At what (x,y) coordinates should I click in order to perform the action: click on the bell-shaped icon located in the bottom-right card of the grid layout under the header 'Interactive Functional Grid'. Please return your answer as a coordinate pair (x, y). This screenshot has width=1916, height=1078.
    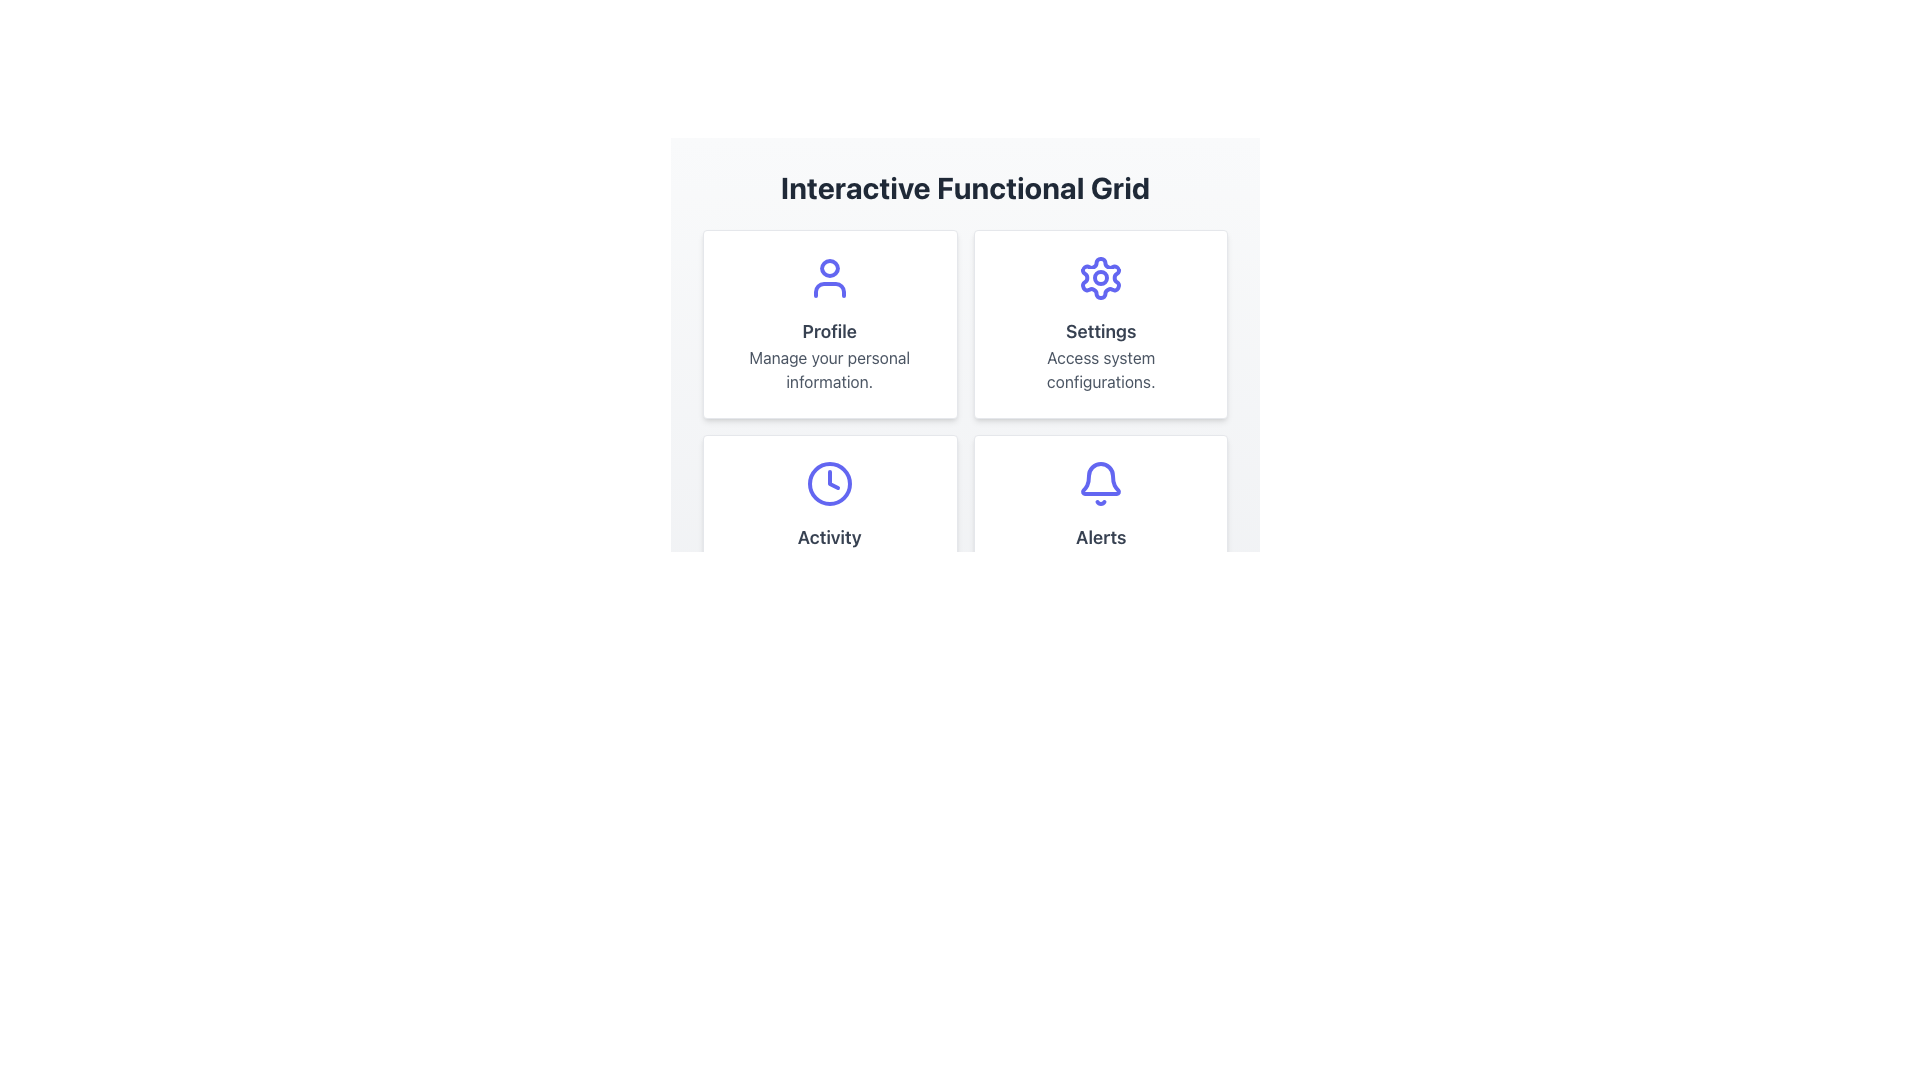
    Looking at the image, I should click on (1100, 478).